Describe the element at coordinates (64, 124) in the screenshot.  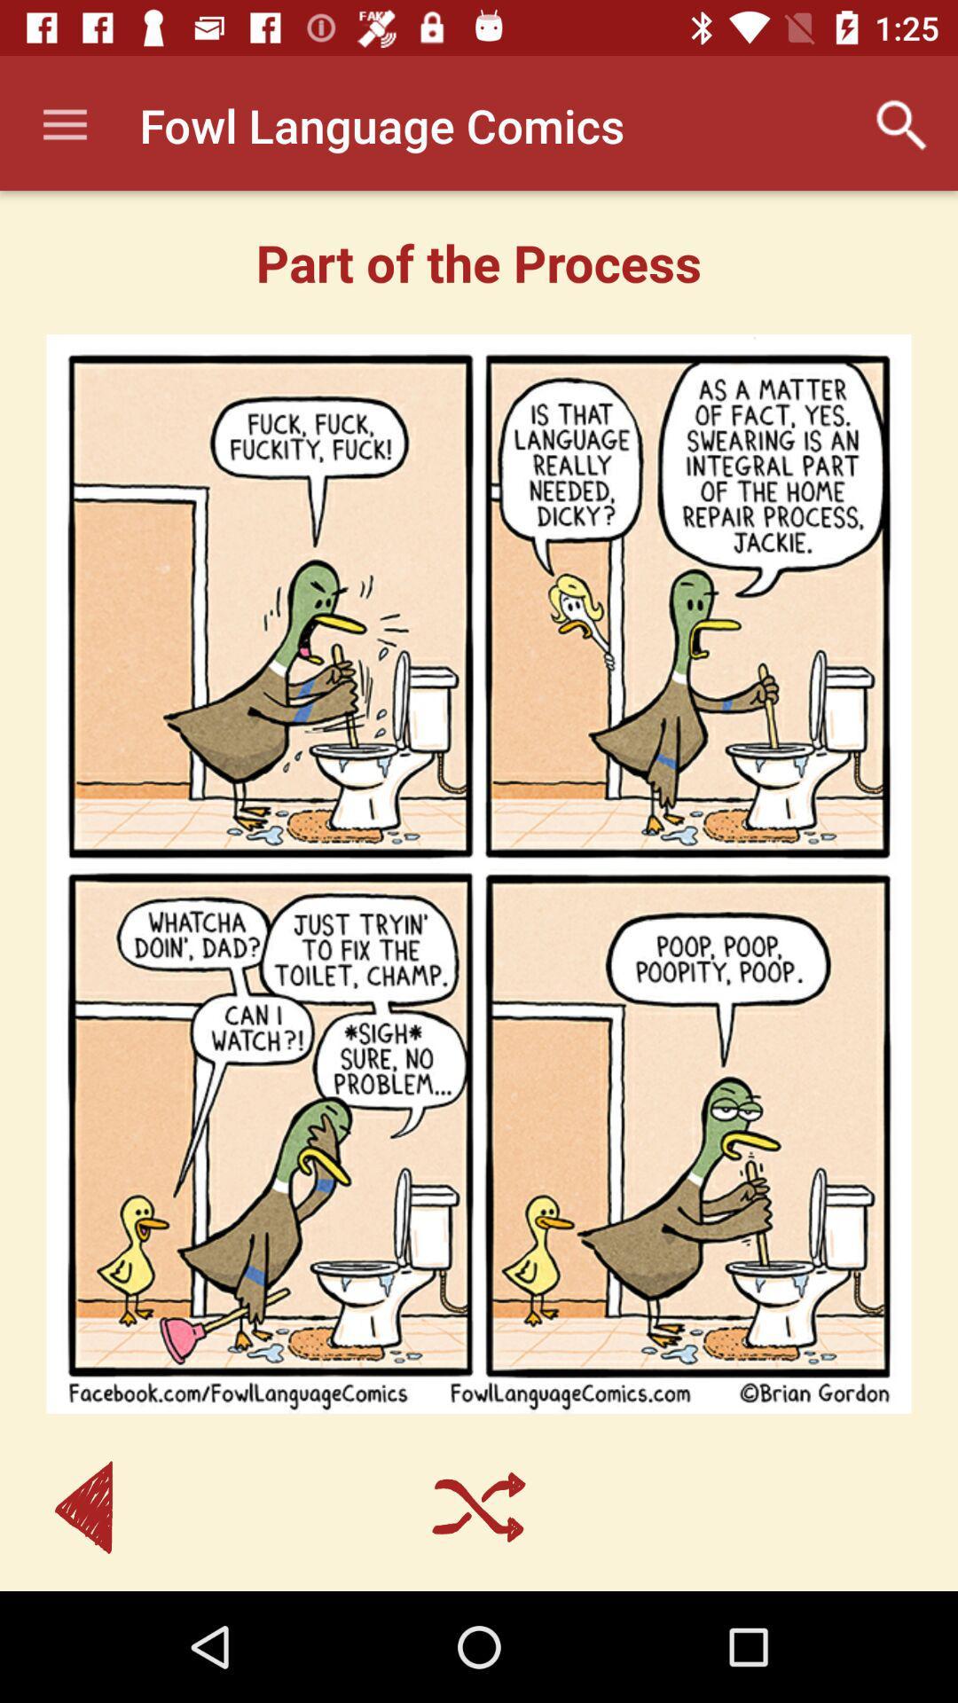
I see `app to the left of fowl language comics item` at that location.